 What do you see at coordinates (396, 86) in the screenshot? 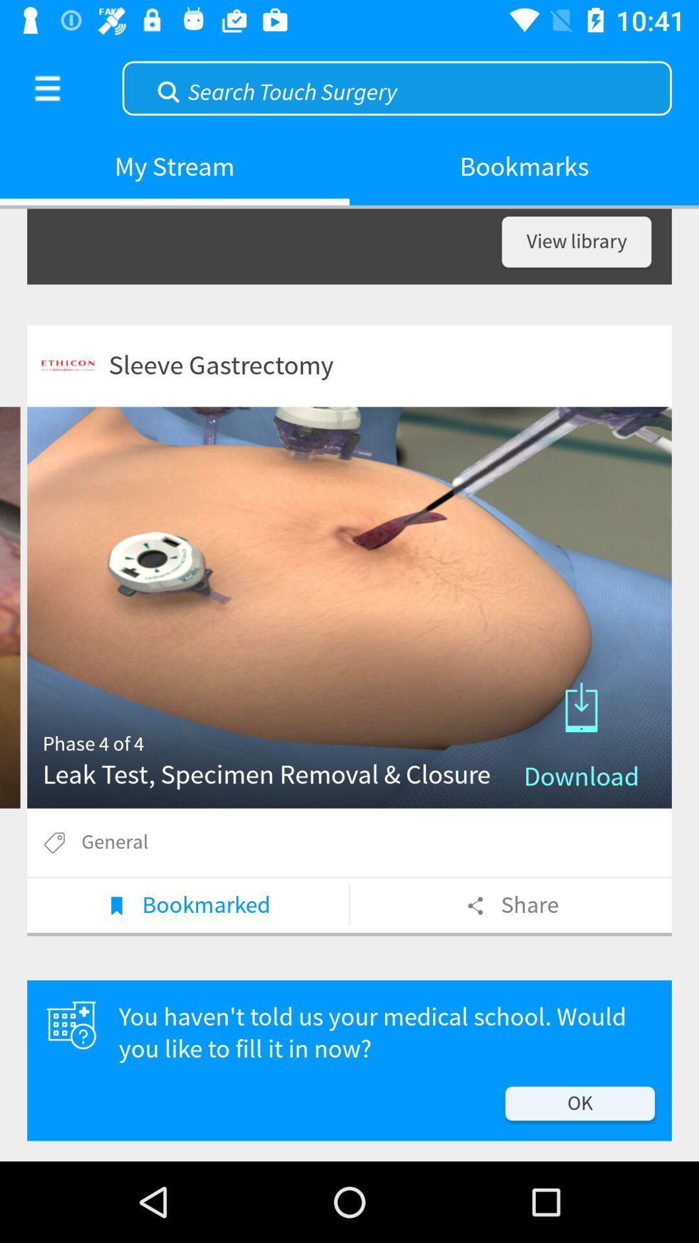
I see `search field` at bounding box center [396, 86].